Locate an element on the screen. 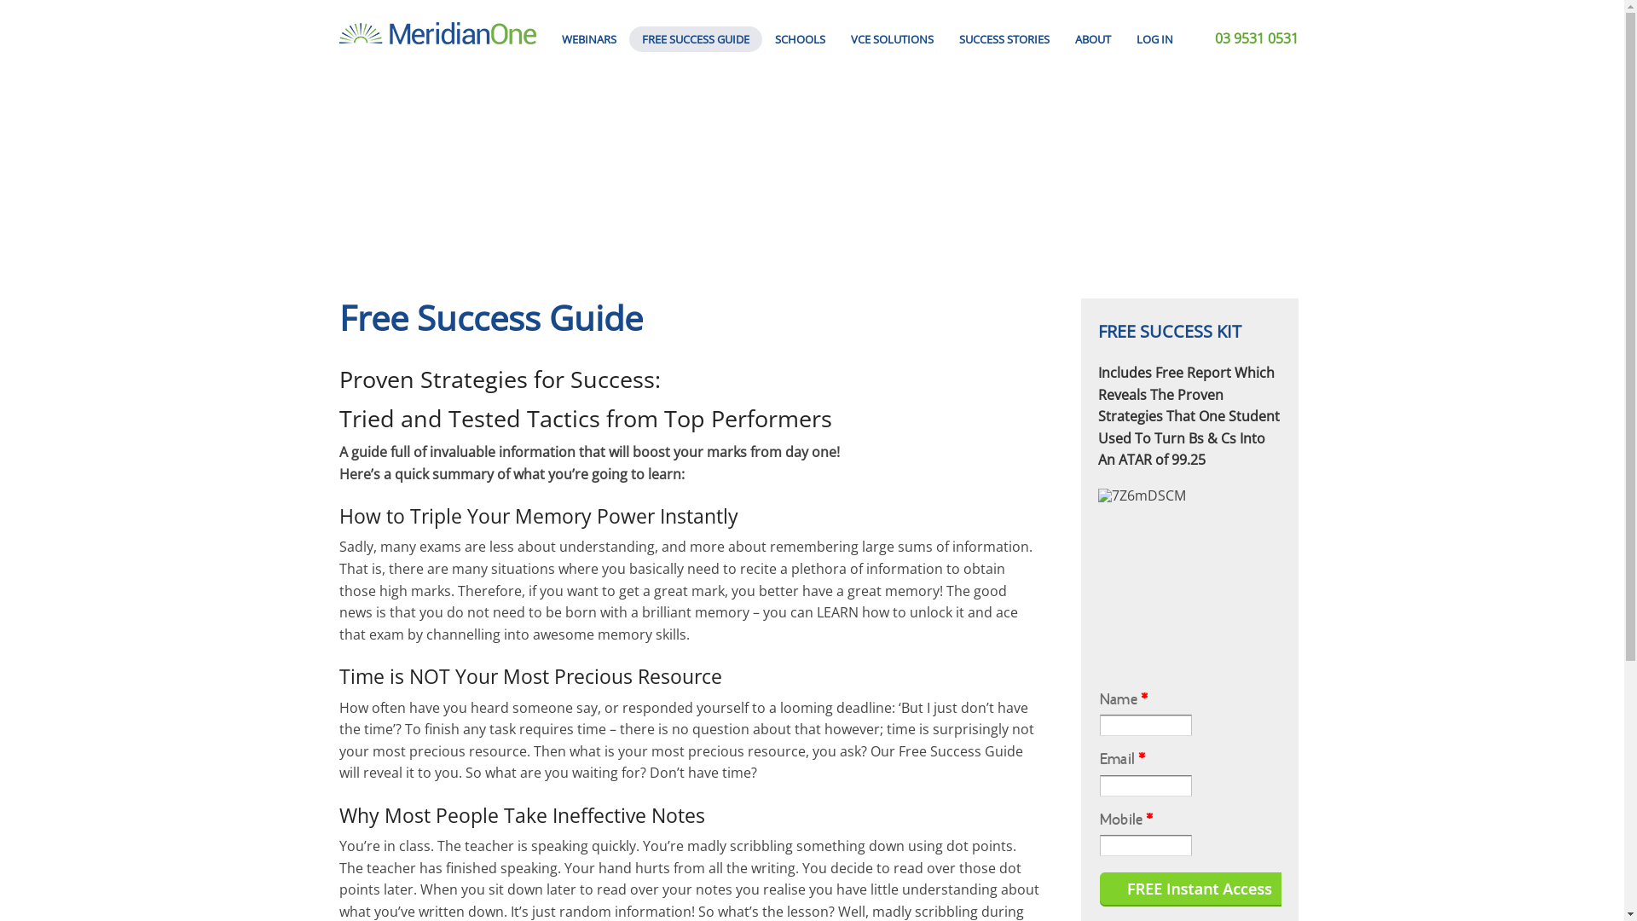 The height and width of the screenshot is (921, 1637). 'WEBINARS' is located at coordinates (589, 38).